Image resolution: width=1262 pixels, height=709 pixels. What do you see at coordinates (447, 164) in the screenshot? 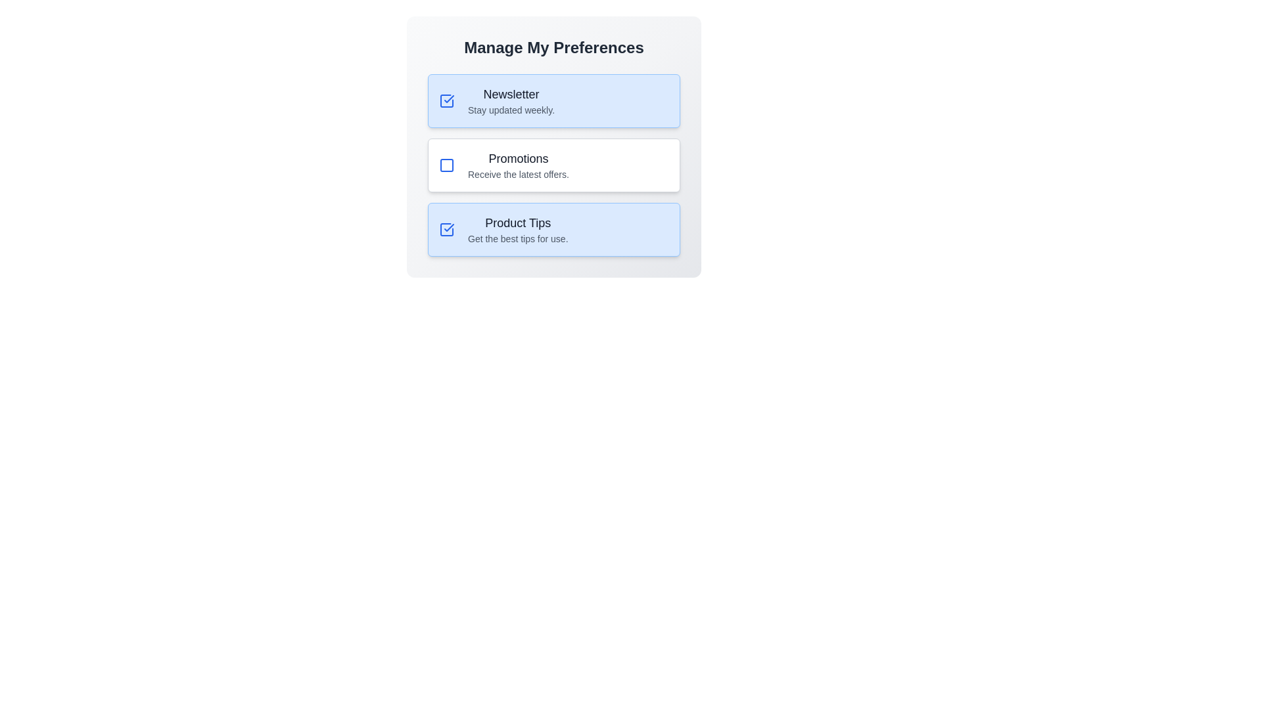
I see `the blue-bordered square icon located to the left of the 'Promotions' text` at bounding box center [447, 164].